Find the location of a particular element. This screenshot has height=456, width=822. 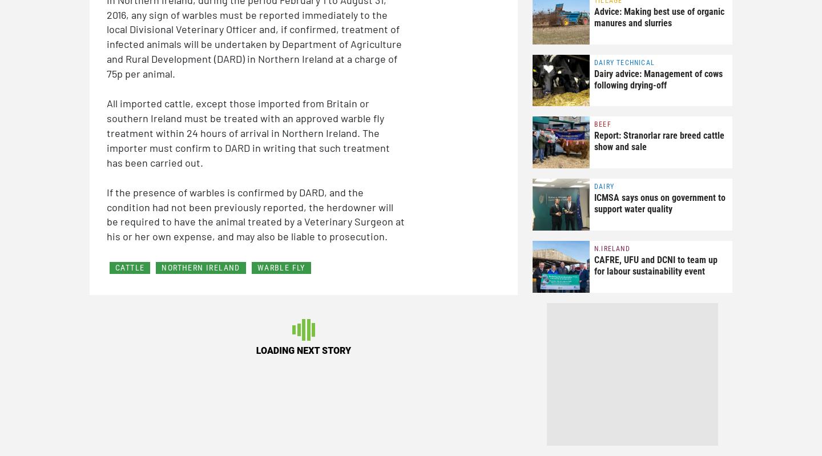

'CATTLE' is located at coordinates (130, 267).